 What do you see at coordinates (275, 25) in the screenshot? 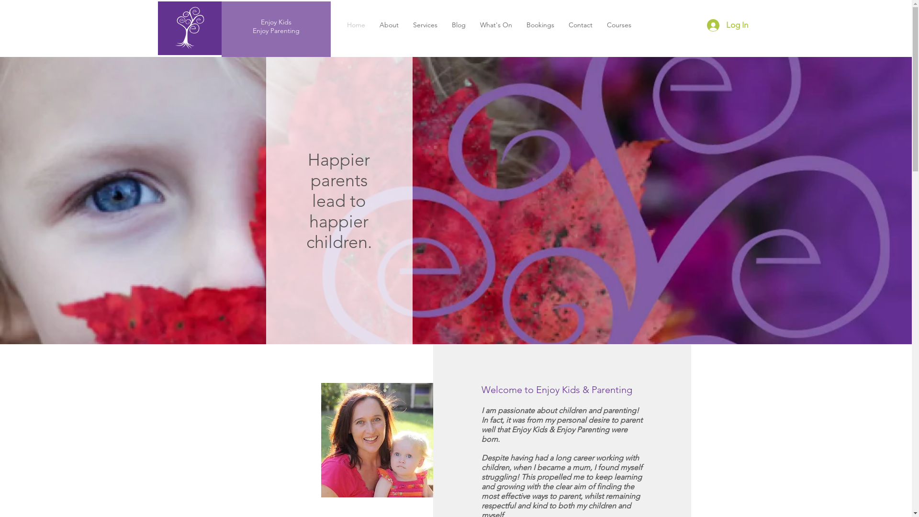
I see `'Enjoy Kids` at bounding box center [275, 25].